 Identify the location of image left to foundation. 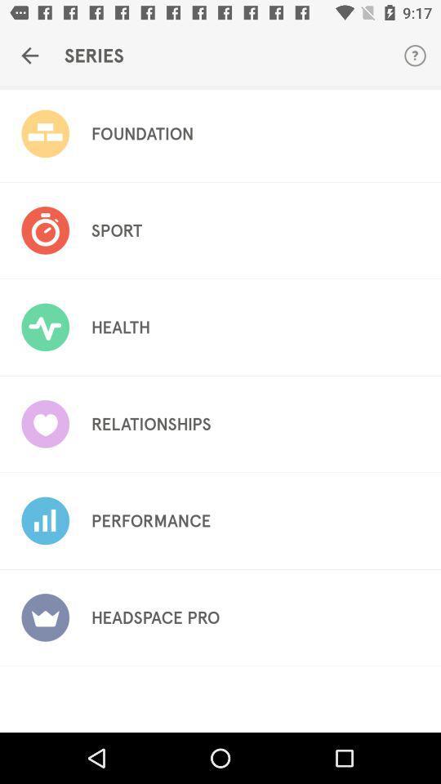
(45, 132).